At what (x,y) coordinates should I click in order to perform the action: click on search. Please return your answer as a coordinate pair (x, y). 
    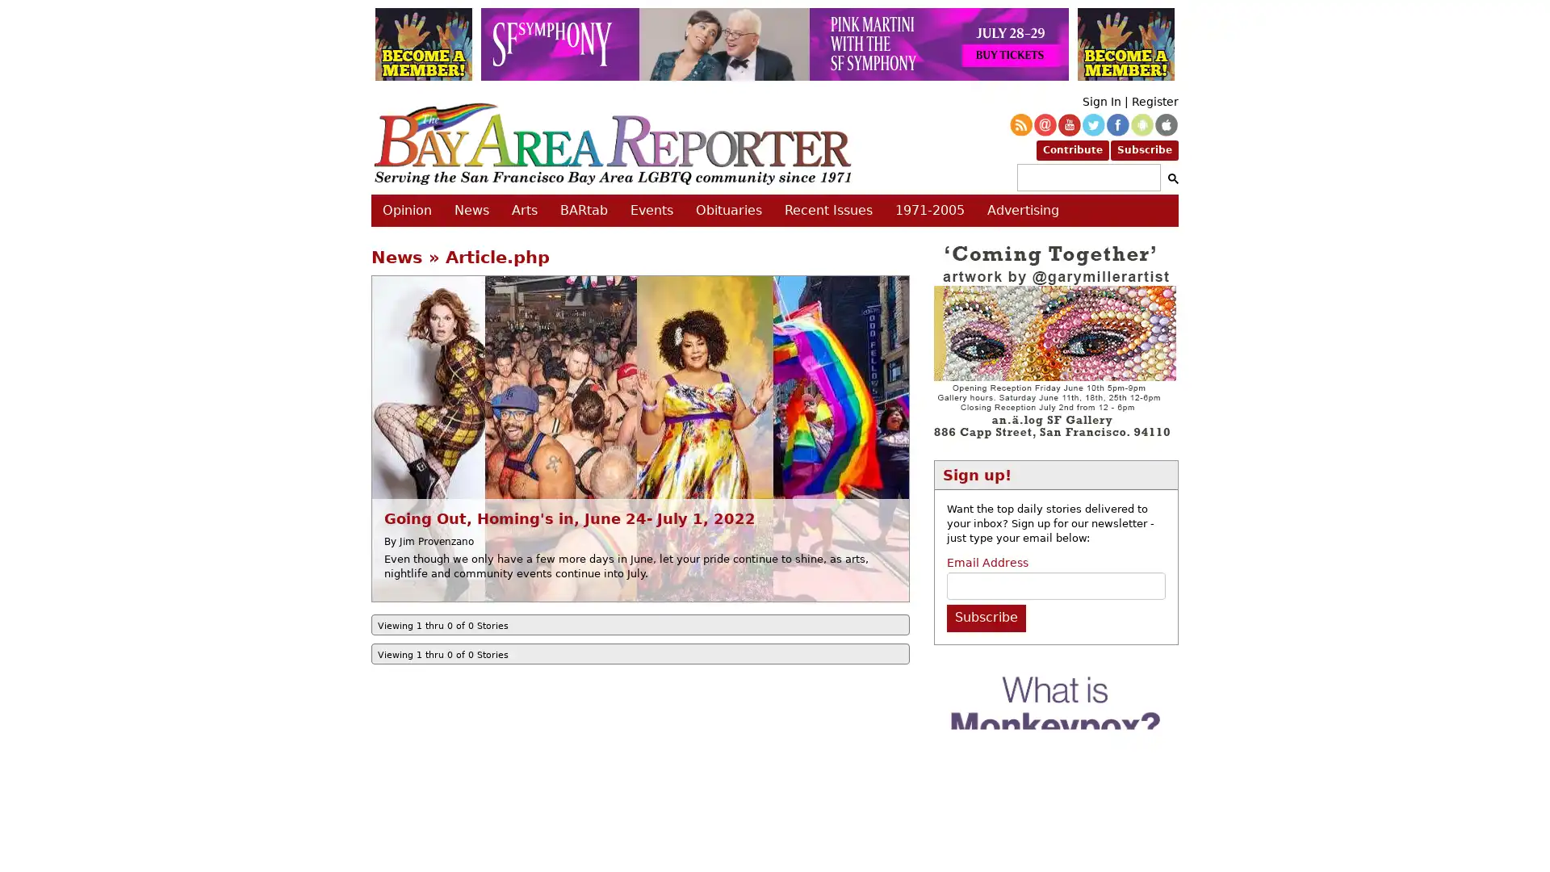
    Looking at the image, I should click on (1170, 178).